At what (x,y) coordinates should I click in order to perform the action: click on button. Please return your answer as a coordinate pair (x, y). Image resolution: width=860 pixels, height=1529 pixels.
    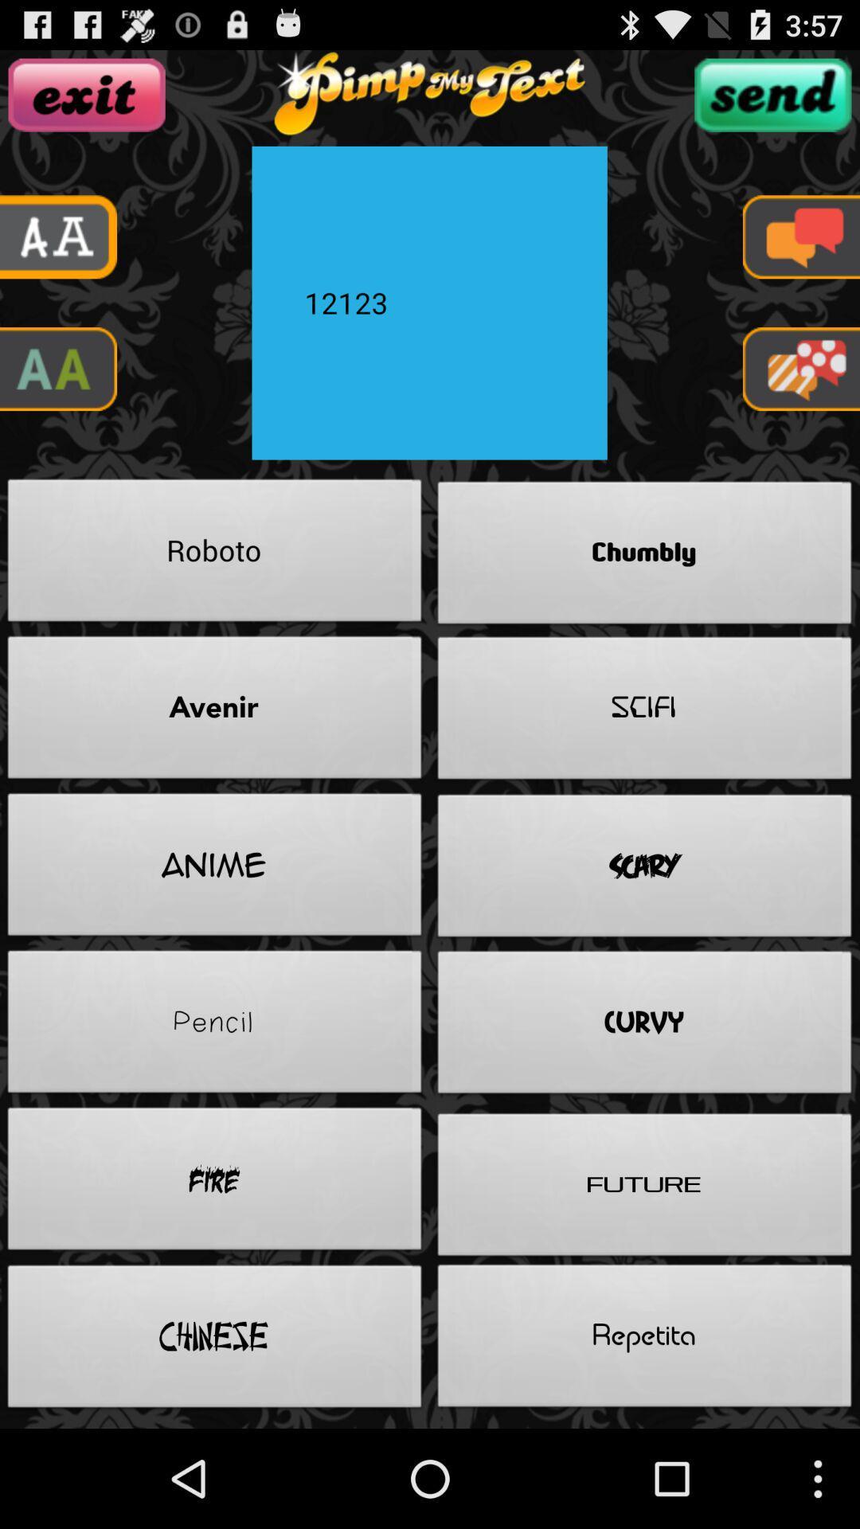
    Looking at the image, I should click on (772, 94).